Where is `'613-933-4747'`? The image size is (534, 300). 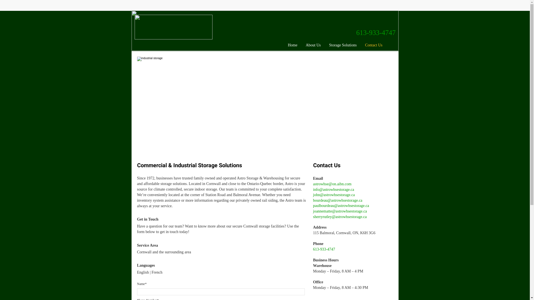 '613-933-4747' is located at coordinates (376, 34).